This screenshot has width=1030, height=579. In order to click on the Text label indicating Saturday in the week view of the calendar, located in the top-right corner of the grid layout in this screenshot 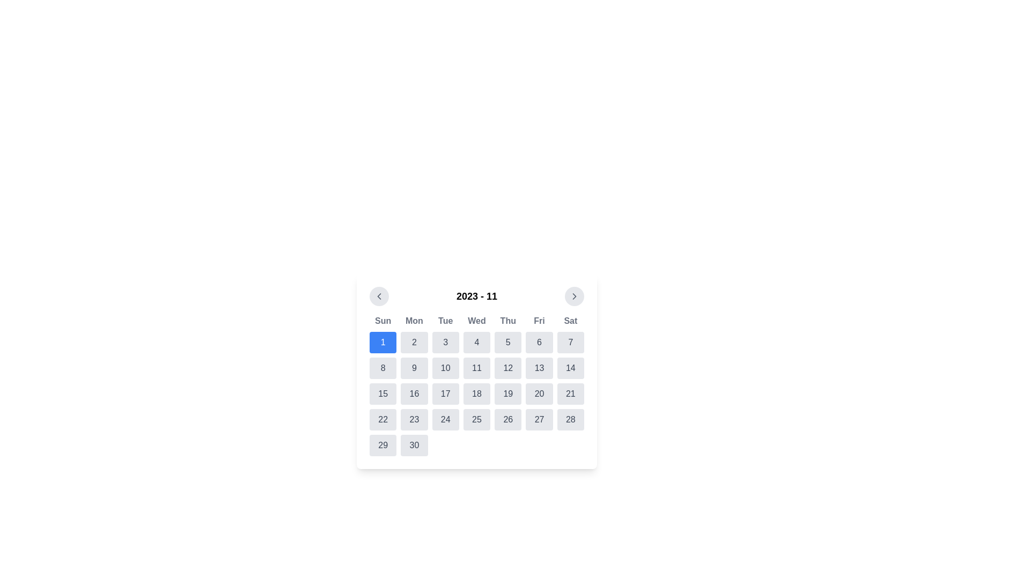, I will do `click(570, 320)`.